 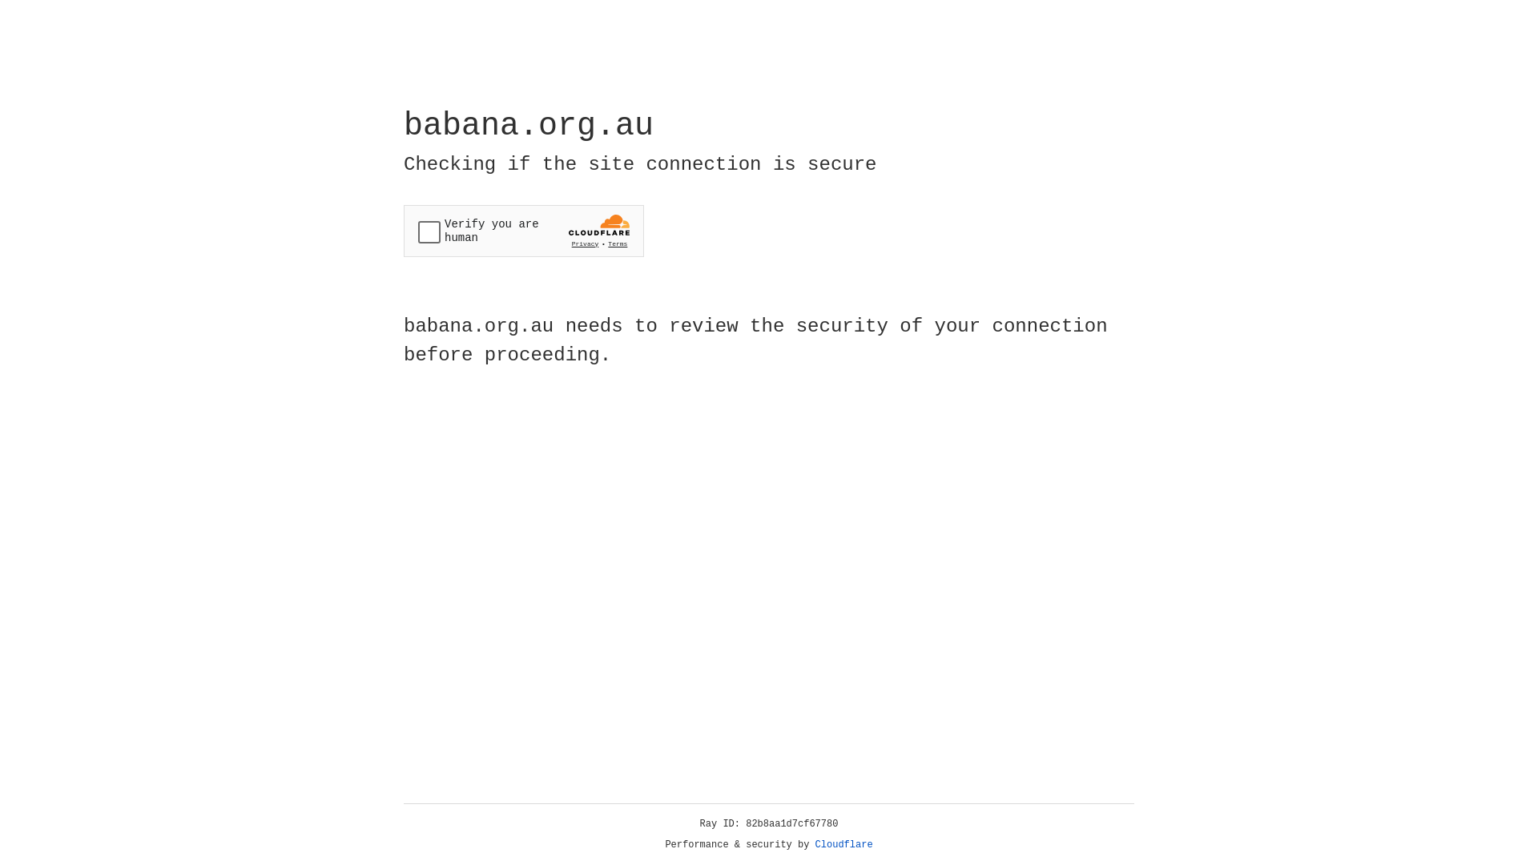 What do you see at coordinates (843, 844) in the screenshot?
I see `'Cloudflare'` at bounding box center [843, 844].